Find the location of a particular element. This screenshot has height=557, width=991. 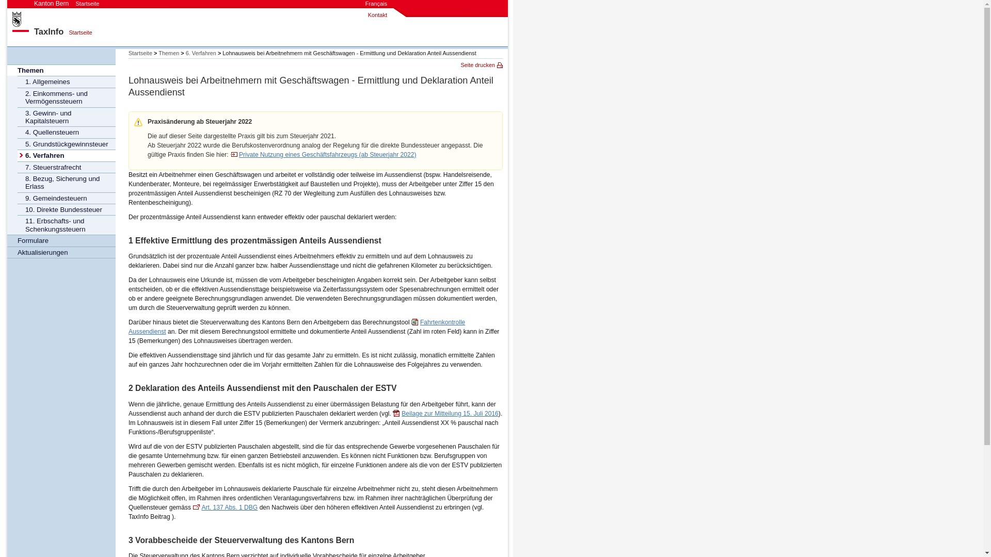

'Beilage zur Mitteilung 15. Juli 2016' is located at coordinates (445, 413).